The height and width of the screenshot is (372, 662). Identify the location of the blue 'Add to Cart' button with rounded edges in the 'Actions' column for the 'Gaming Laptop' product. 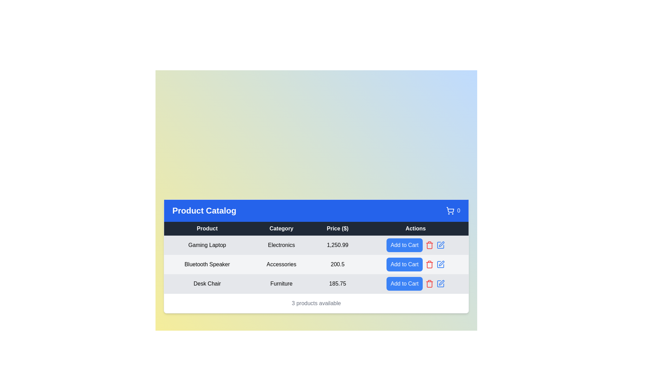
(415, 245).